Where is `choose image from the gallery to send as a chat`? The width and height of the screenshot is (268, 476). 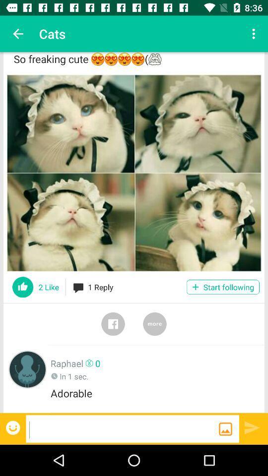 choose image from the gallery to send as a chat is located at coordinates (225, 428).